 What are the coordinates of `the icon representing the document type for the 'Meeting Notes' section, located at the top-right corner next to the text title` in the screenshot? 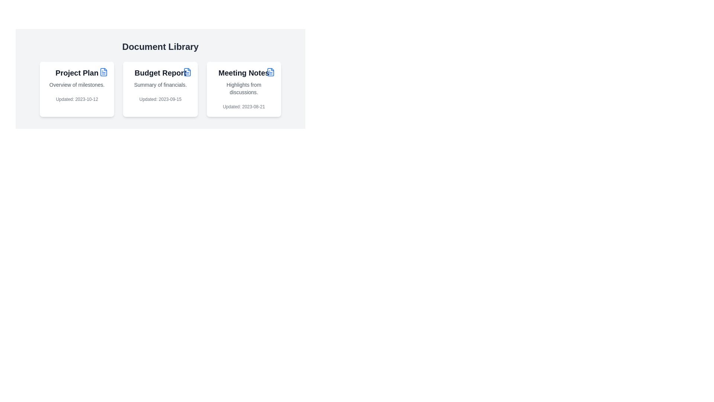 It's located at (270, 72).